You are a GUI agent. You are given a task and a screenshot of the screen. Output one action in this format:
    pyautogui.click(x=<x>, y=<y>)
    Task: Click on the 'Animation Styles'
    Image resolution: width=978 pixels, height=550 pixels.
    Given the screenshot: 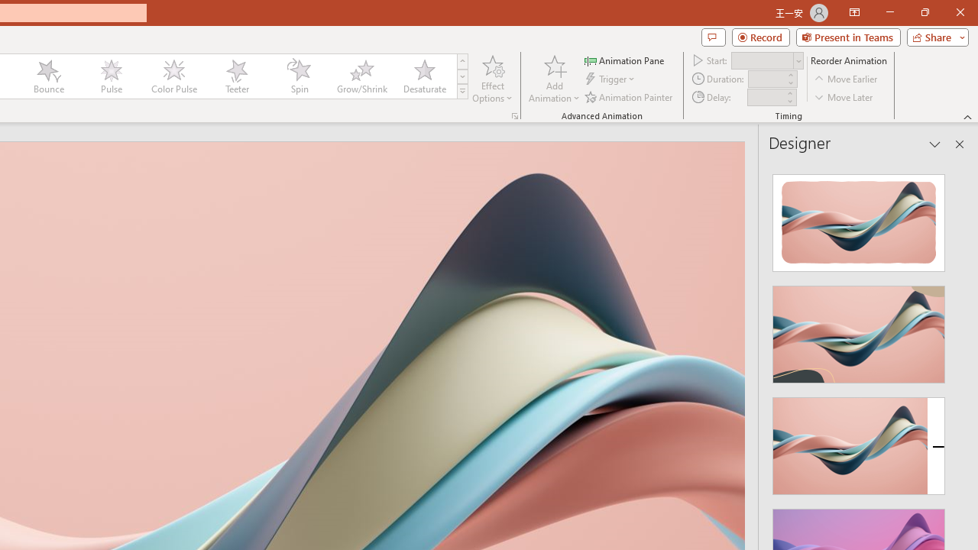 What is the action you would take?
    pyautogui.click(x=461, y=92)
    